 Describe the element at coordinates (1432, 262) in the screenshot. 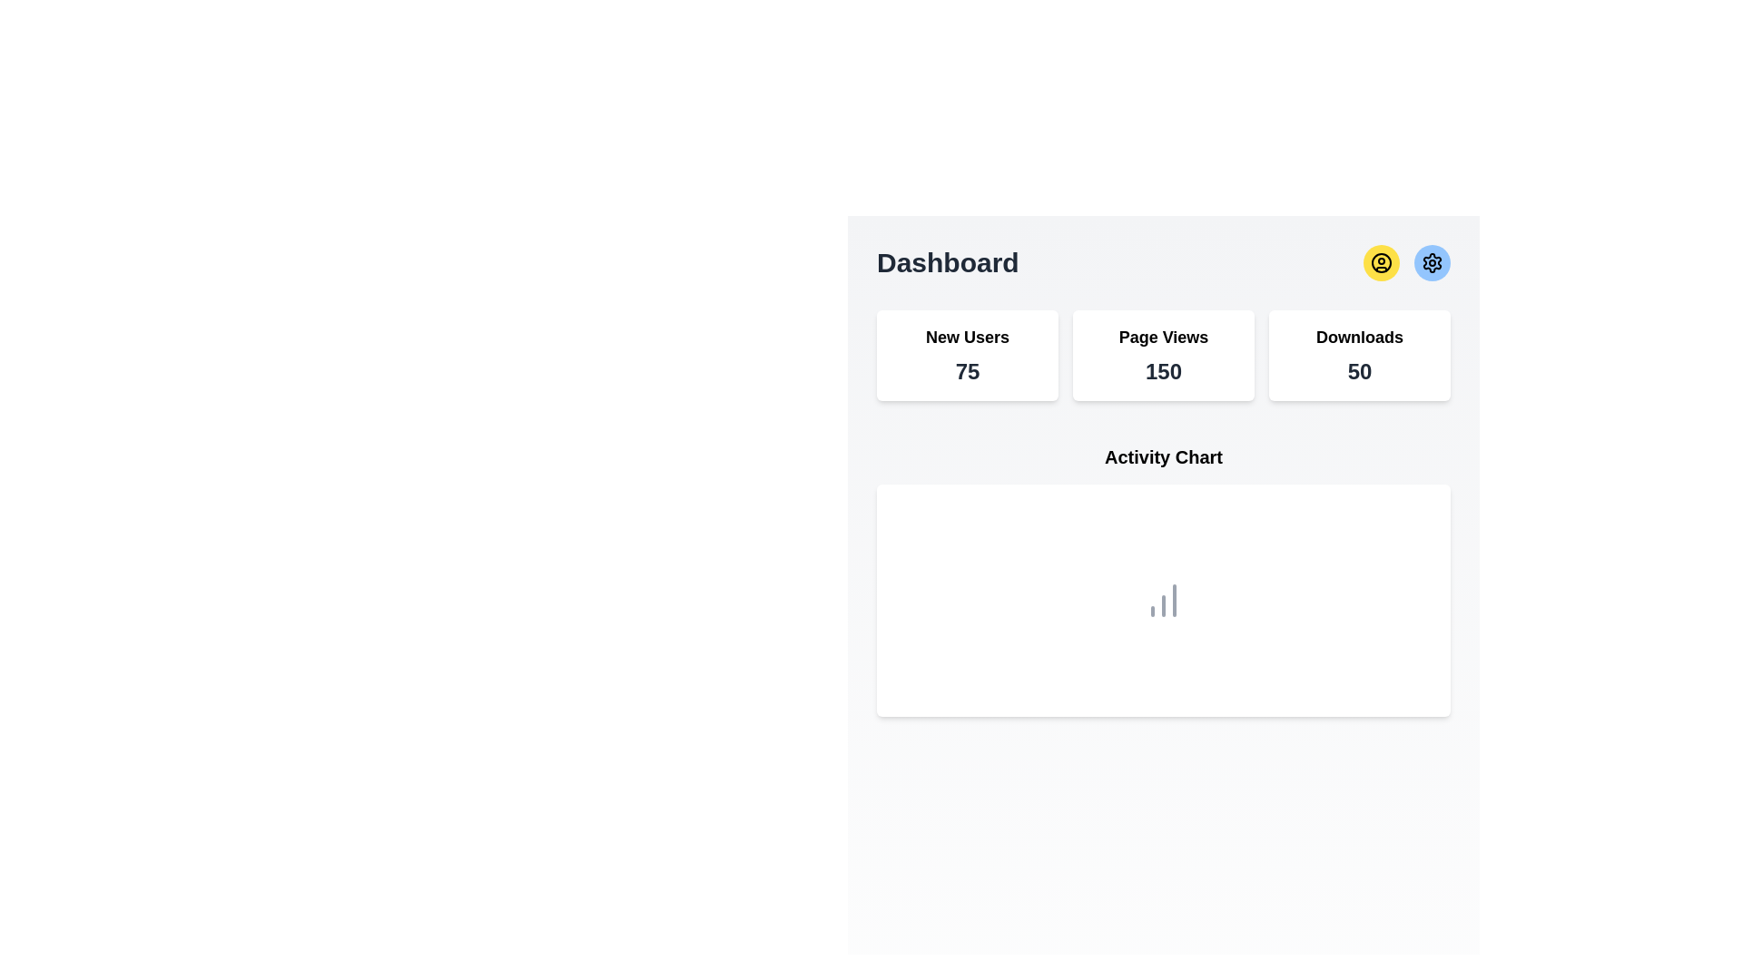

I see `the settings icon located at the top-right corner of the interface` at that location.